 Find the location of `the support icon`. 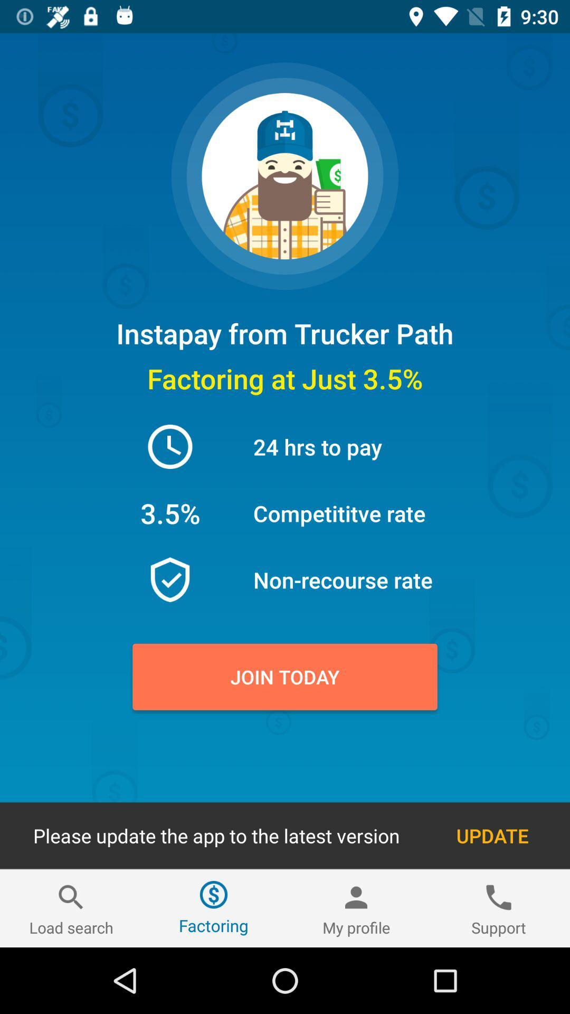

the support icon is located at coordinates (499, 908).